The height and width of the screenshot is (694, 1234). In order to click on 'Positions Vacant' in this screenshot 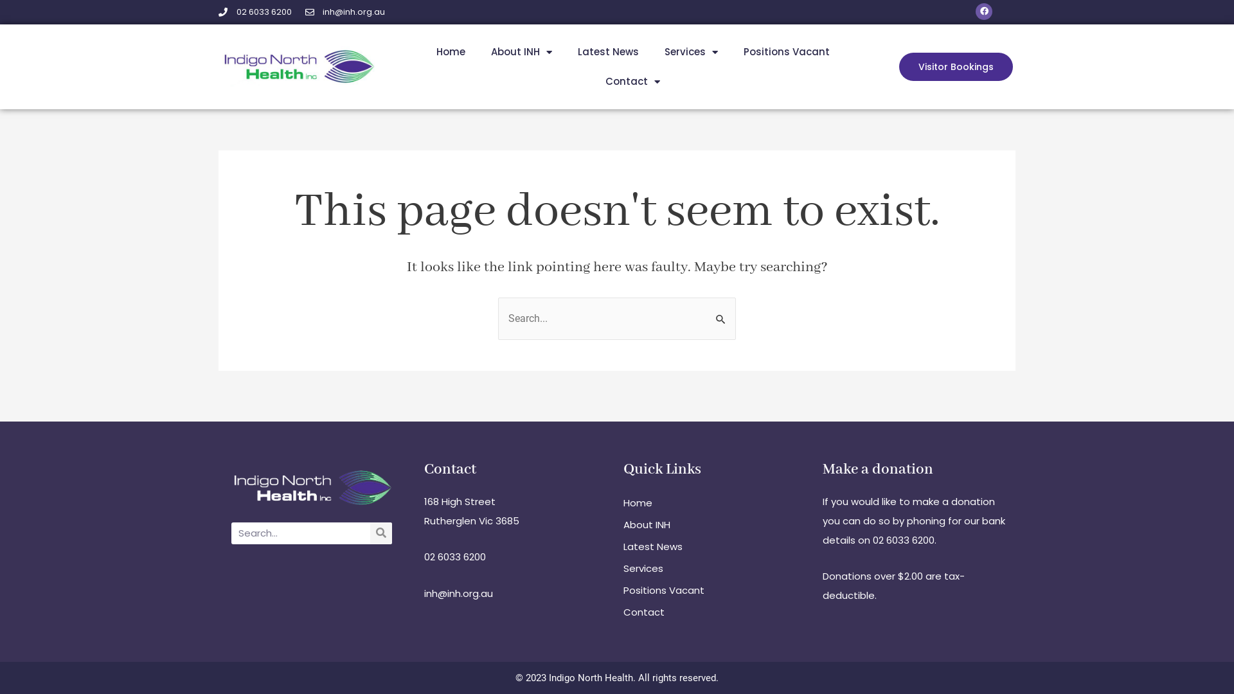, I will do `click(731, 51)`.